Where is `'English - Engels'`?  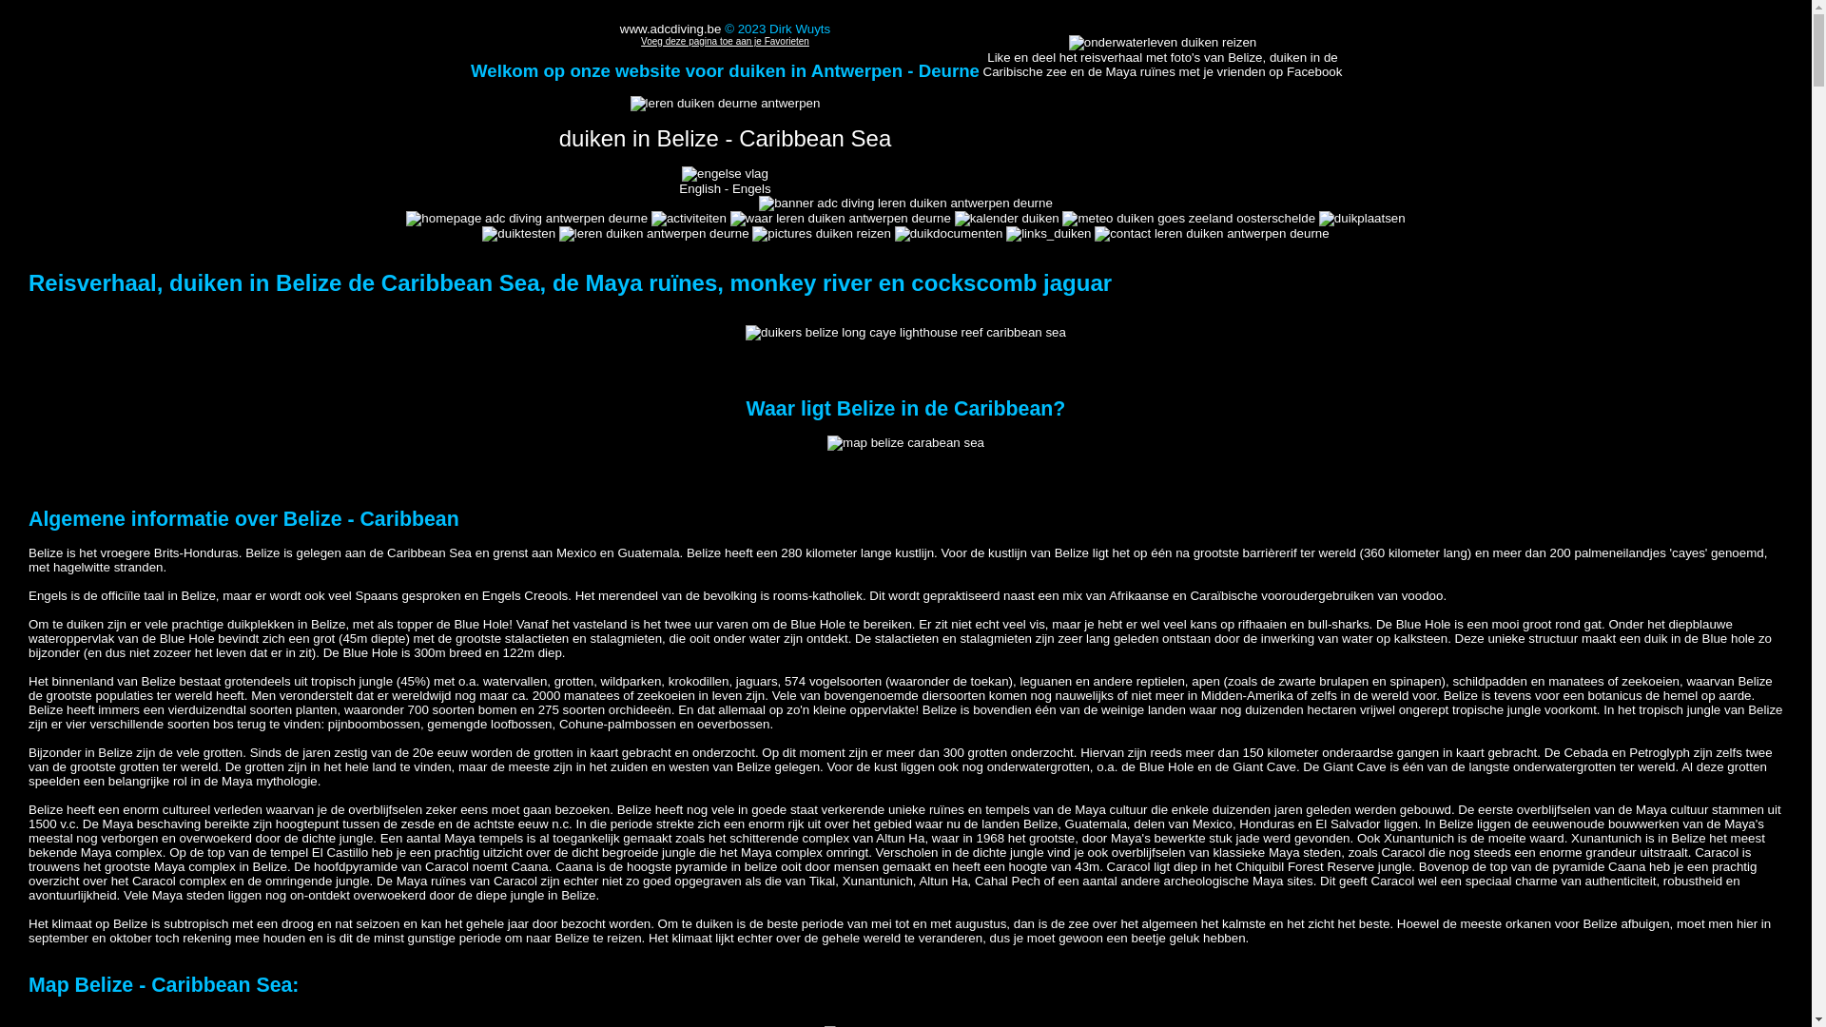
'English - Engels' is located at coordinates (724, 181).